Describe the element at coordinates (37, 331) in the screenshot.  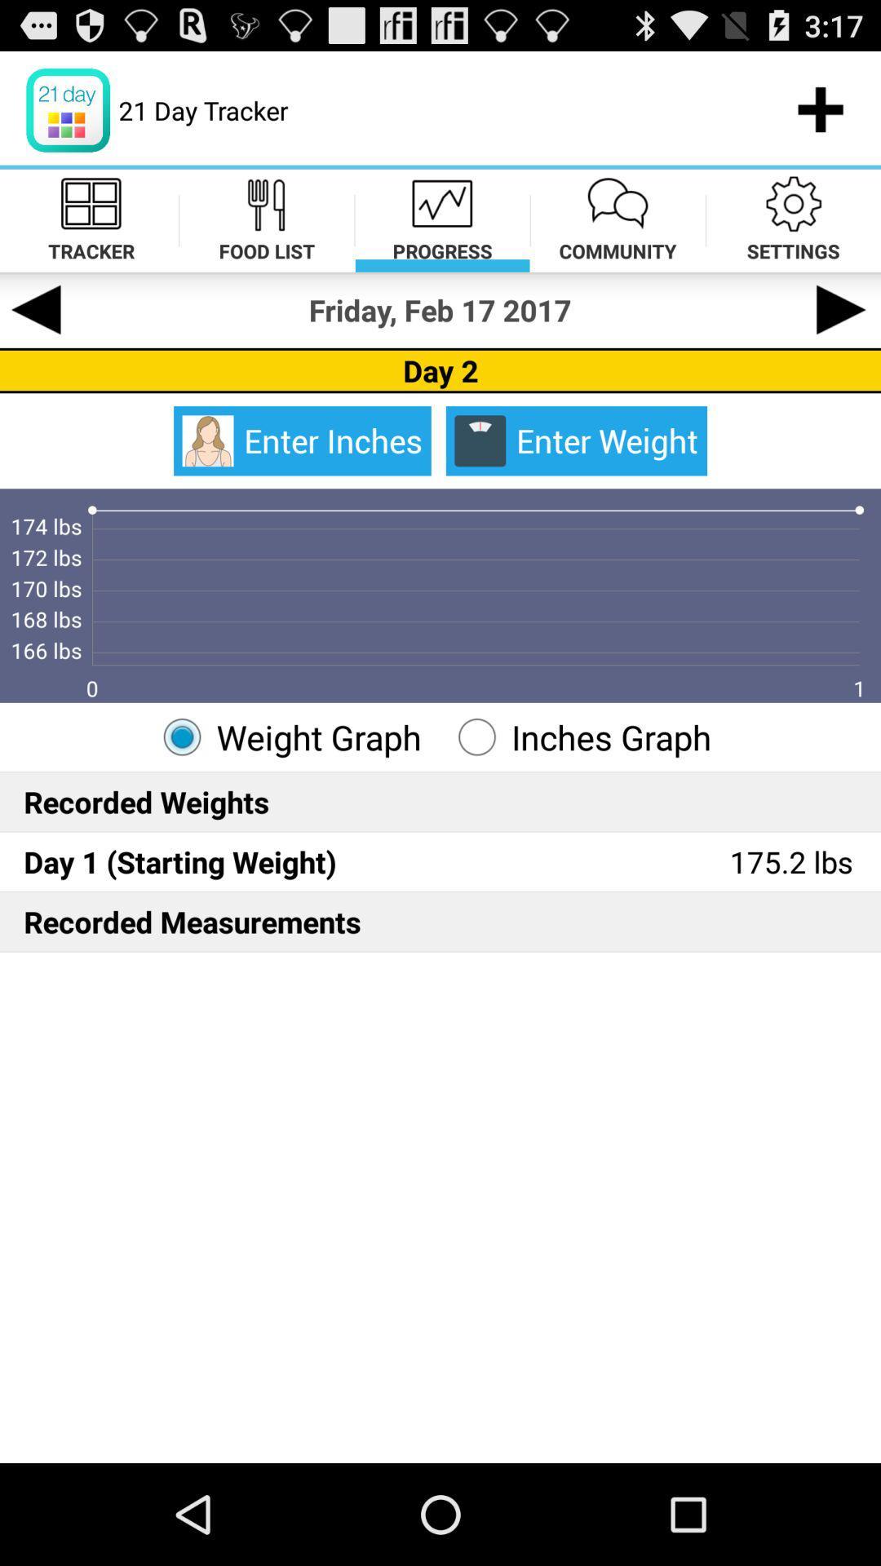
I see `the arrow_backward icon` at that location.